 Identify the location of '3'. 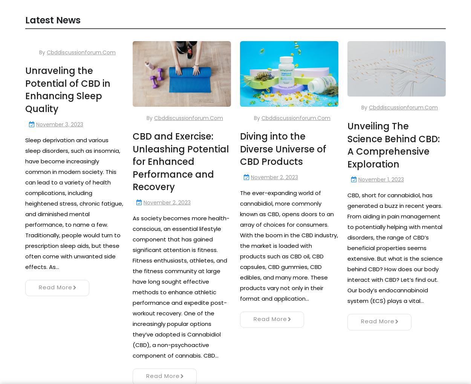
(74, 278).